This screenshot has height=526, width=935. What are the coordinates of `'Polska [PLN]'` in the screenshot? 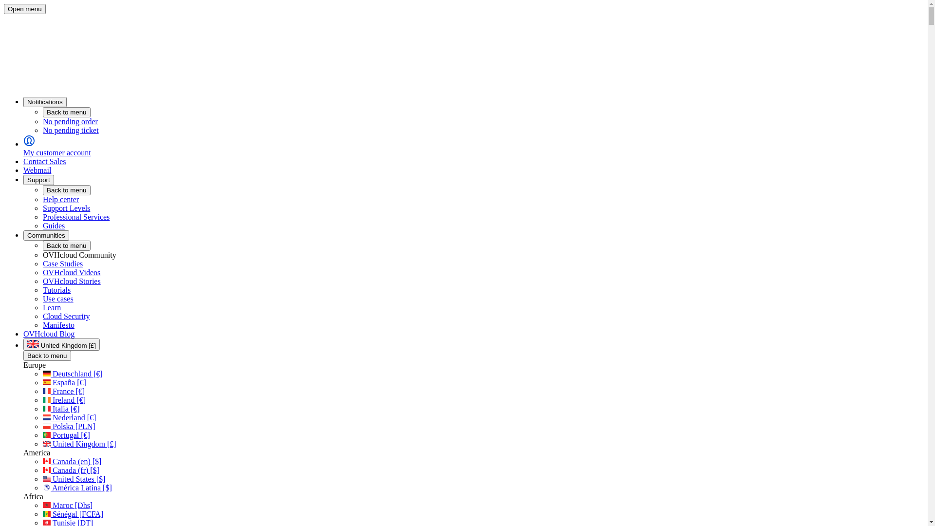 It's located at (42, 426).